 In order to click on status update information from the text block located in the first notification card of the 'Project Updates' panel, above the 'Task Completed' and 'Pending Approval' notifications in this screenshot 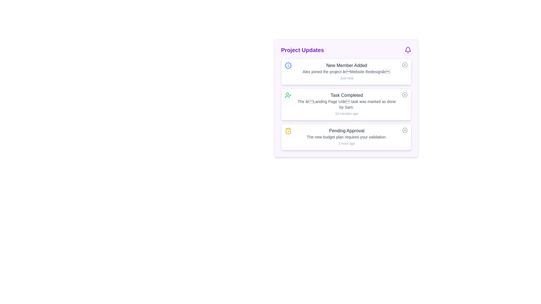, I will do `click(346, 71)`.